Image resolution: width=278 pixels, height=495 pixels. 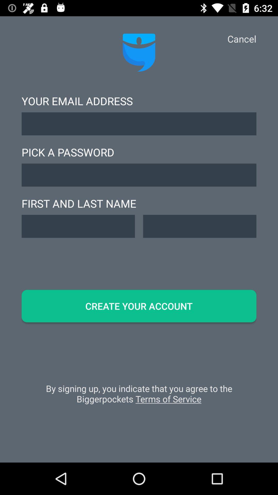 I want to click on the create your account, so click(x=139, y=306).